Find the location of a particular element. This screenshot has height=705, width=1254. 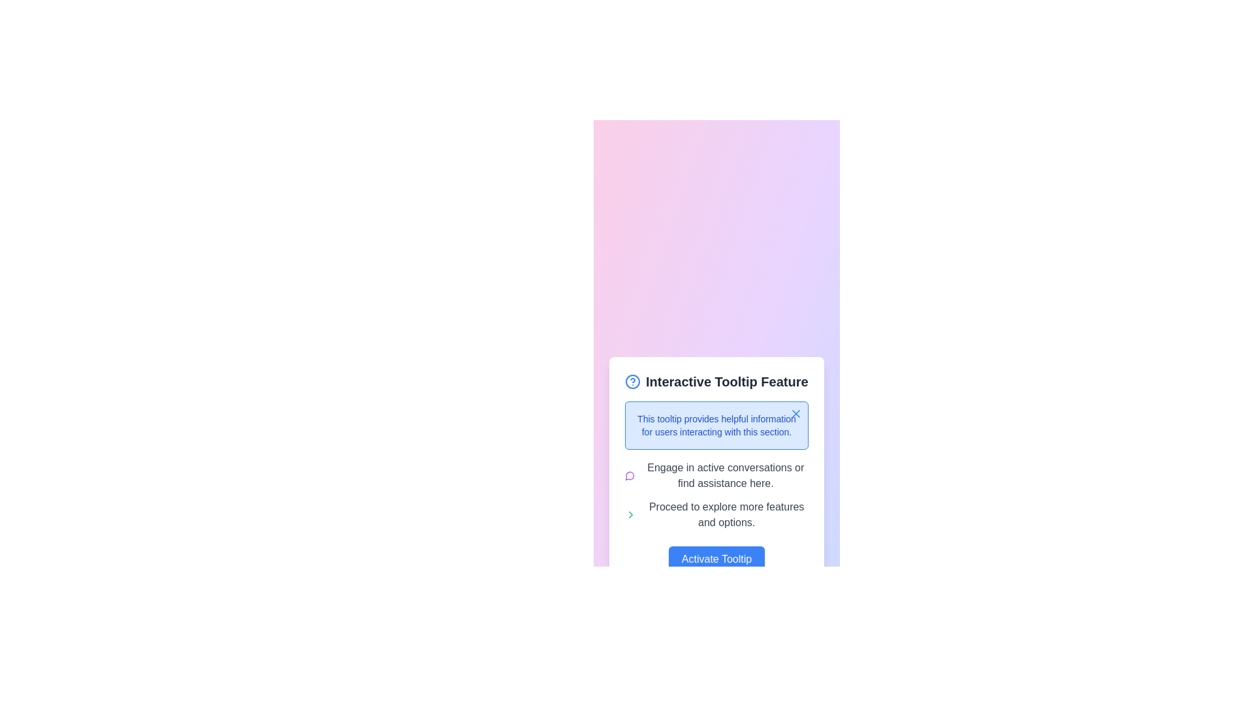

the blue button labeled 'Activate Tooltip' to observe the style change effect is located at coordinates (716, 558).